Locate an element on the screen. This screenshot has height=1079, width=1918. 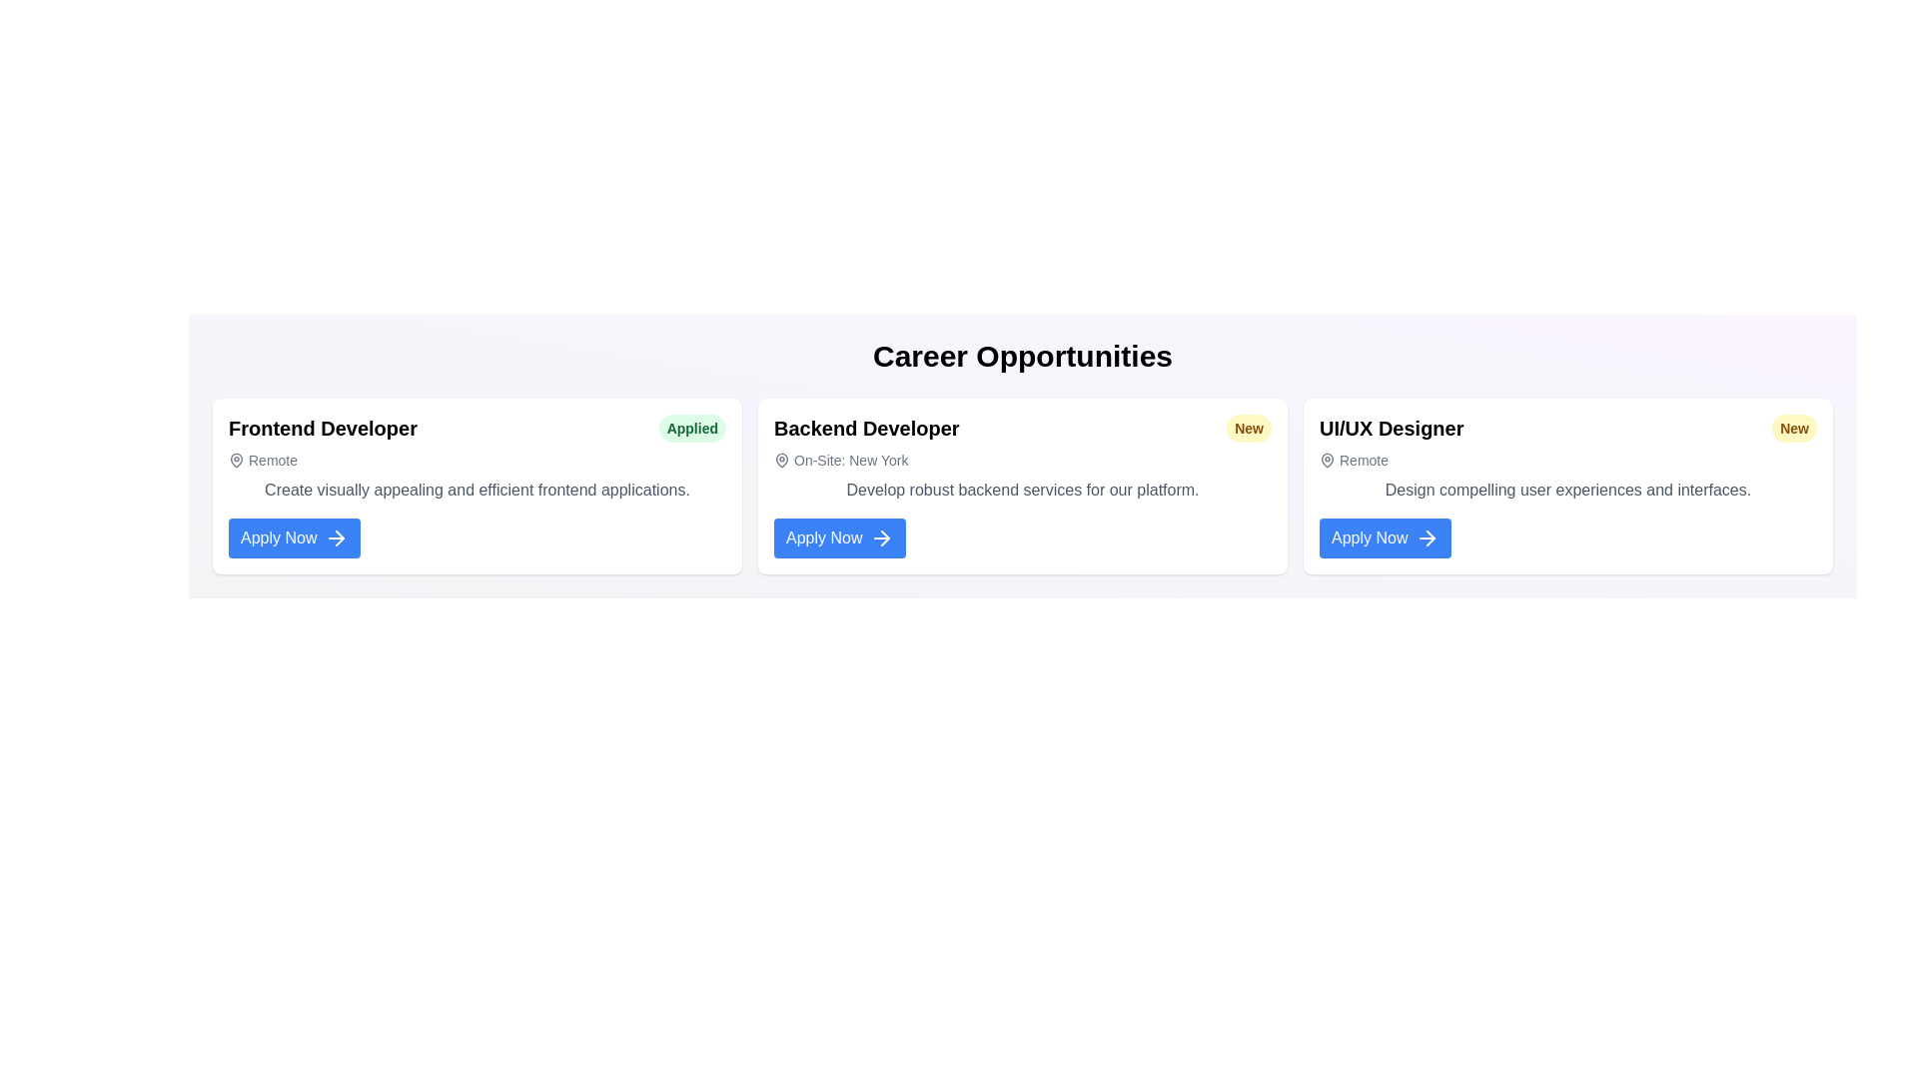
the rightward pointing arrow icon located next to the 'Apply Now' button in the first card under 'Frontend Developer' is located at coordinates (340, 538).